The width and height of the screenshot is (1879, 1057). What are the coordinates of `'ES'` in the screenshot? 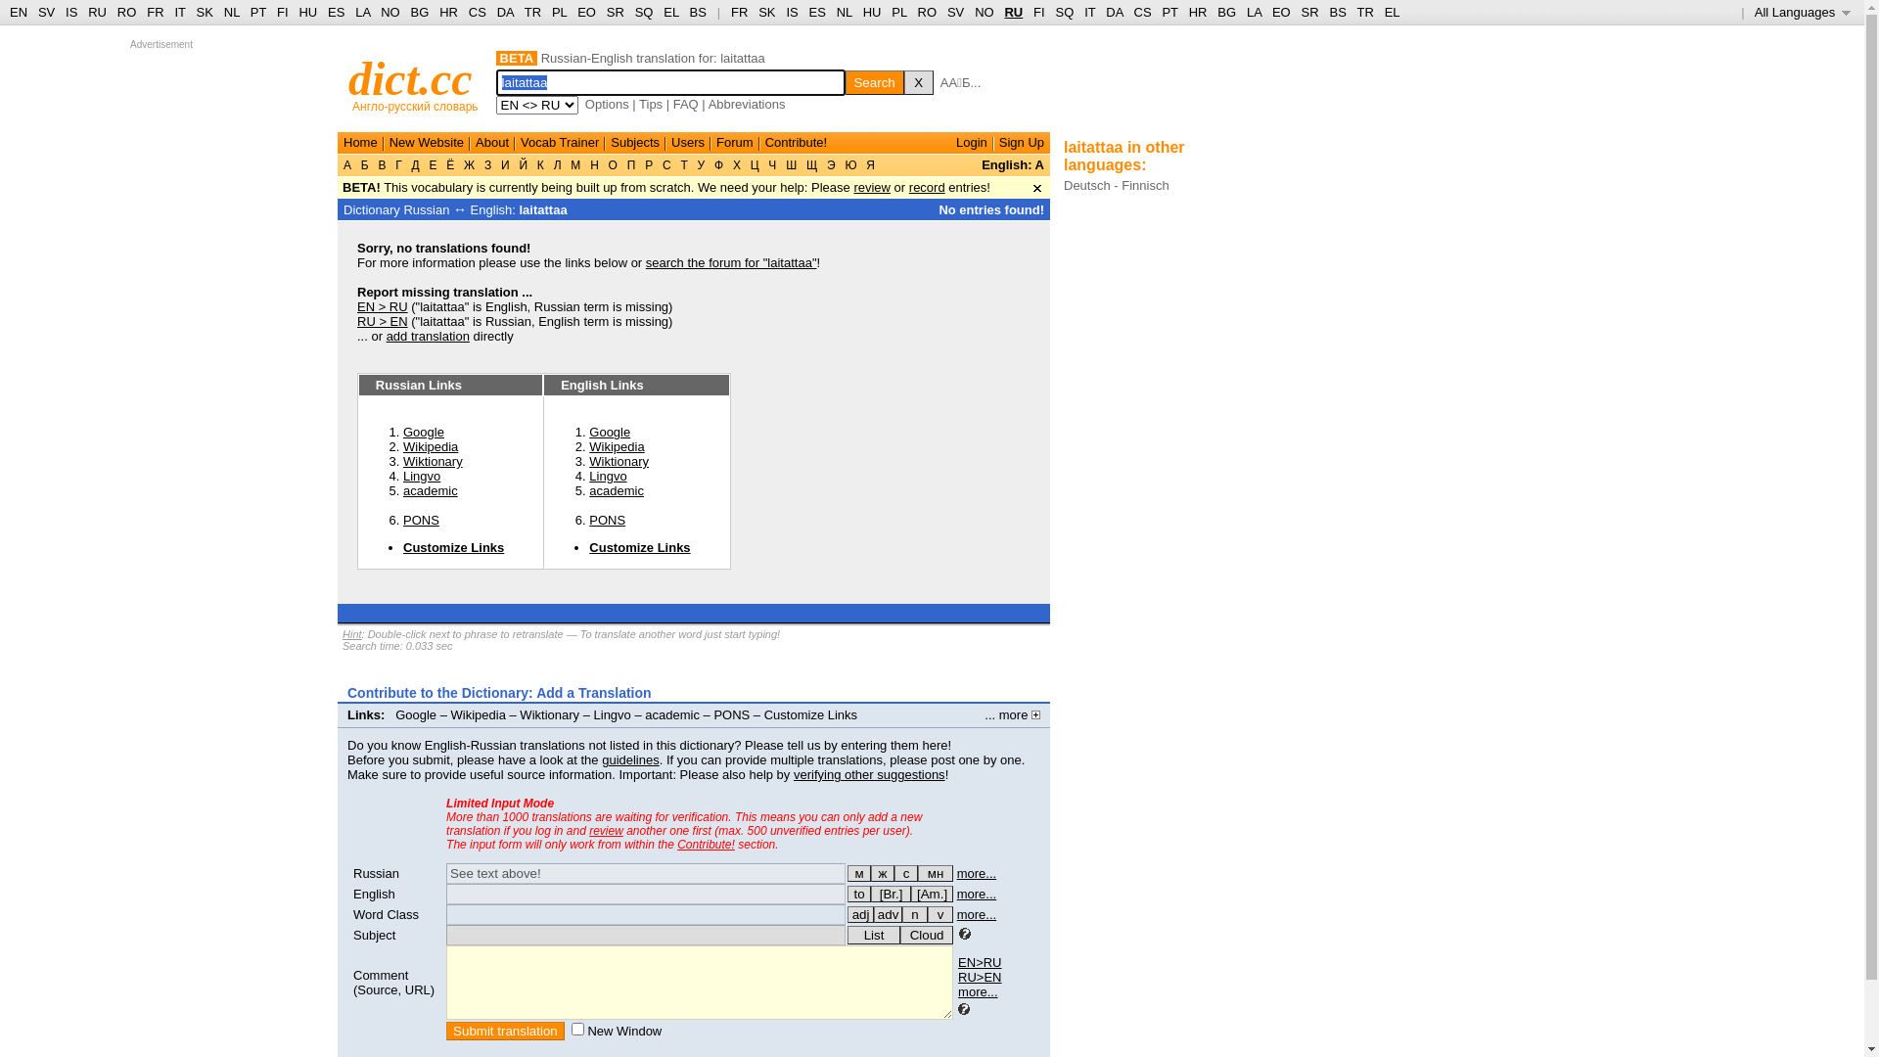 It's located at (336, 12).